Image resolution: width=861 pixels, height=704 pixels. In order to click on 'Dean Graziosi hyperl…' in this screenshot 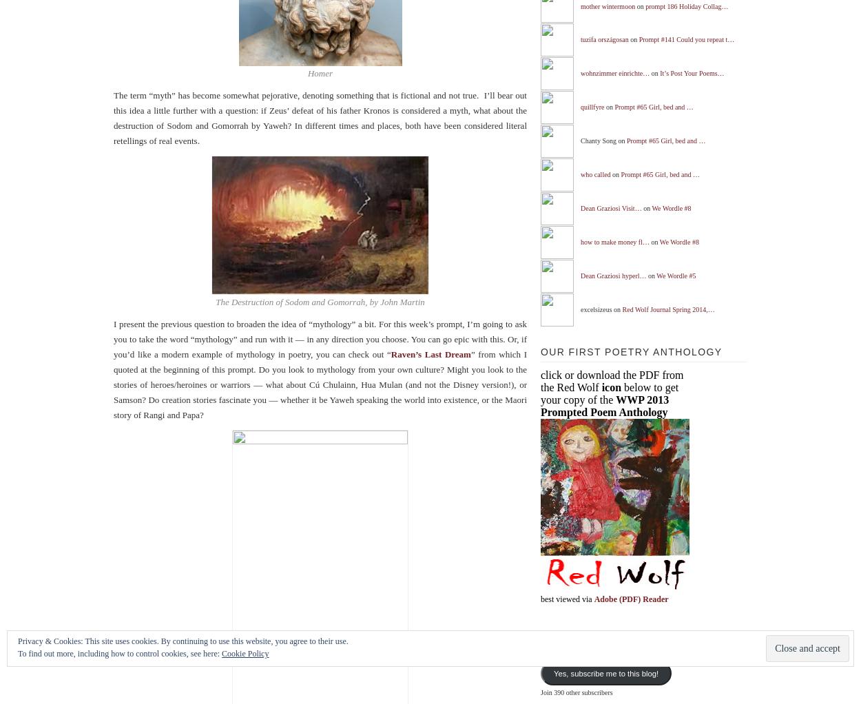, I will do `click(580, 274)`.